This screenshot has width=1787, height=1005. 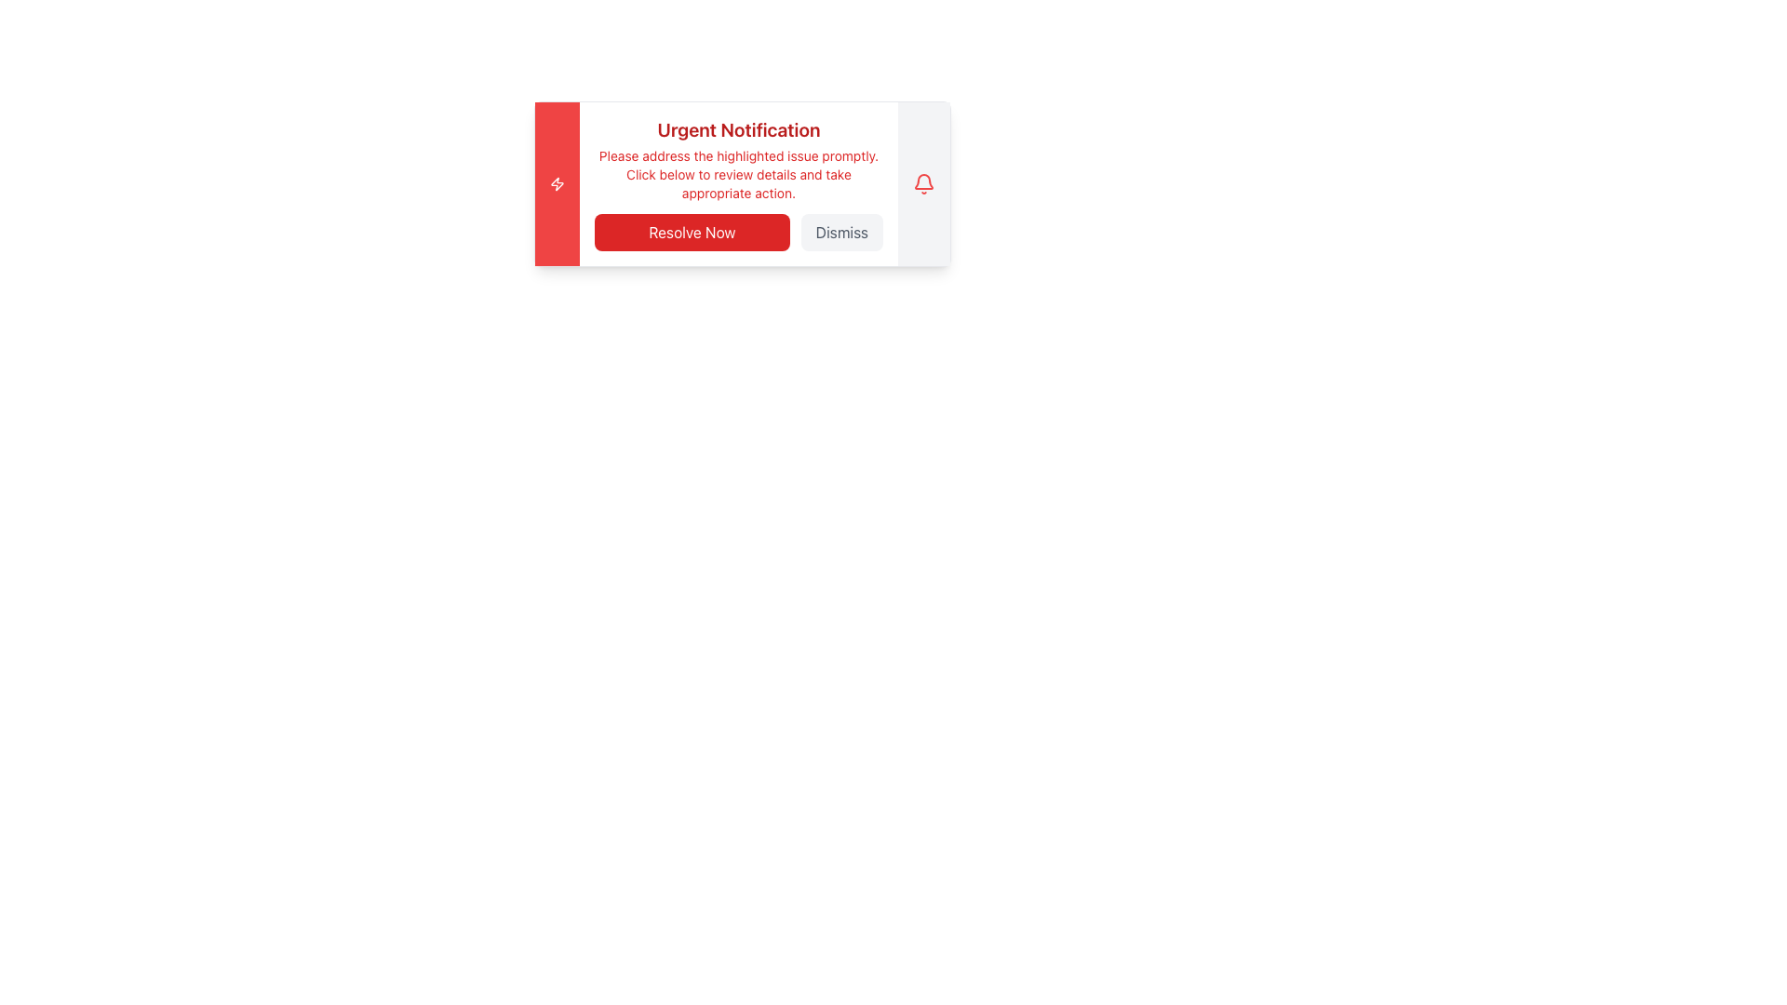 I want to click on the lightning bolt icon with a white borderless design on a red background, located centrally within the red rectangular block on the far-left side of the notification card, so click(x=557, y=183).